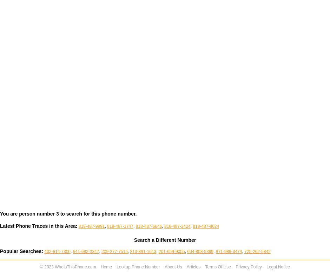 The width and height of the screenshot is (330, 274). I want to click on '818-487-6646', so click(148, 226).